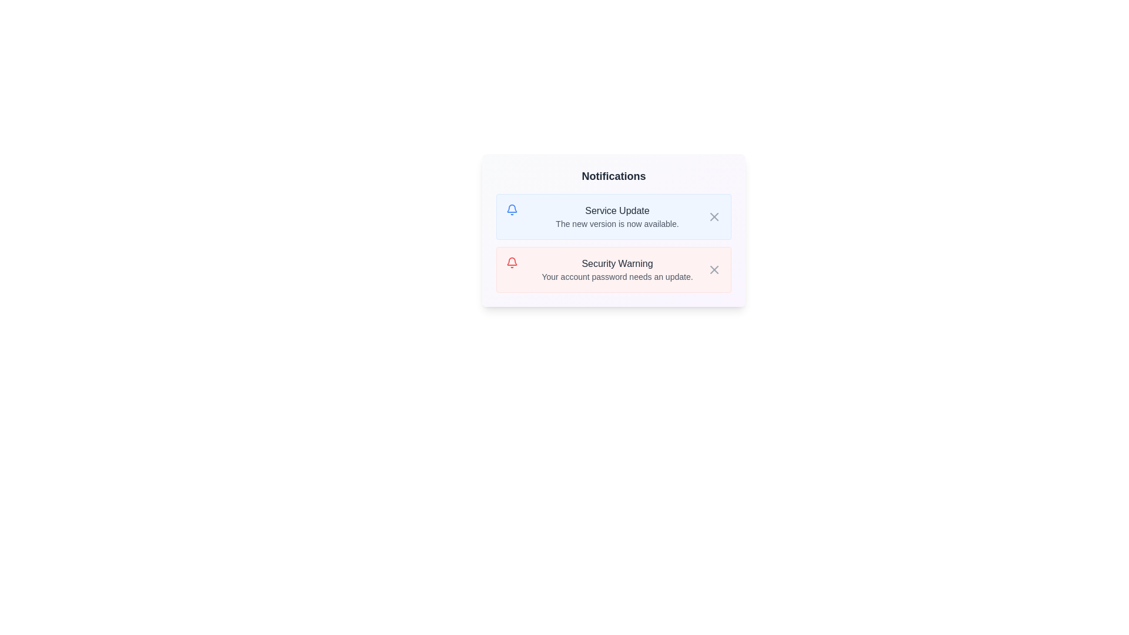  I want to click on text element displaying 'The new version is now available.' which is located below the 'Service Update' header in the notification card, so click(617, 224).